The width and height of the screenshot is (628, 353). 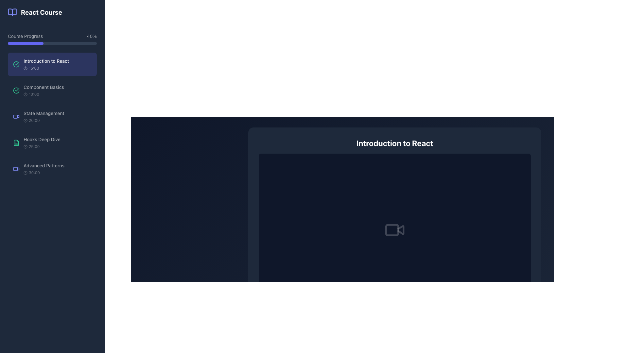 What do you see at coordinates (58, 91) in the screenshot?
I see `the navigational menu item labeled 'Component Basics' located in the left sidebar` at bounding box center [58, 91].